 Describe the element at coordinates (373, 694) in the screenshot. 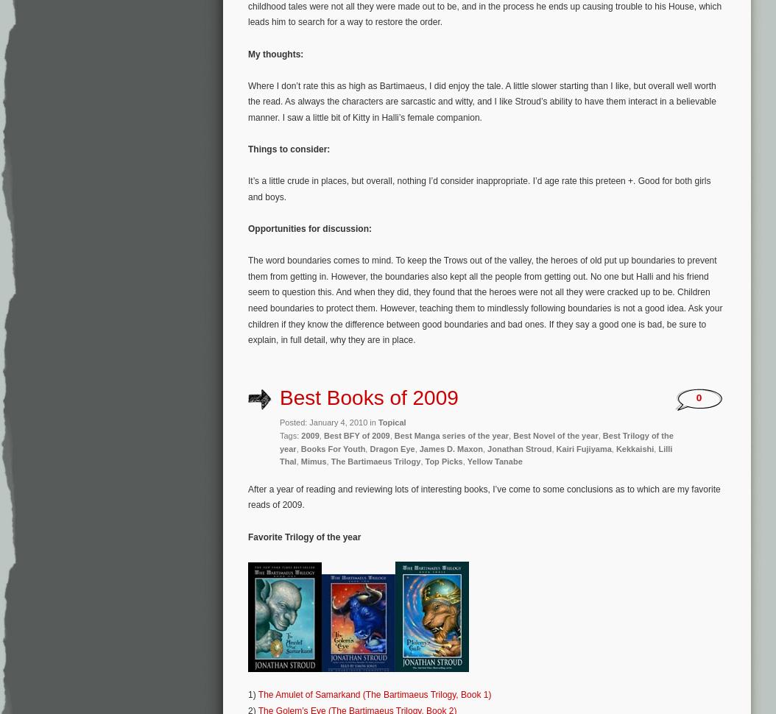

I see `'The Amulet of Samarkand (The Bartimaeus Trilogy, Book 1)'` at that location.